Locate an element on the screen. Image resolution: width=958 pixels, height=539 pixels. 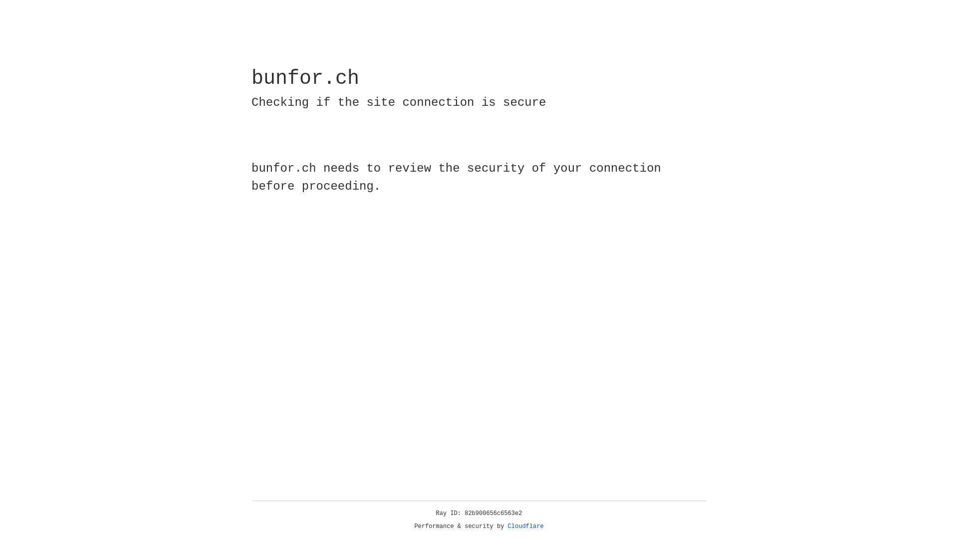
'Cloudflare' is located at coordinates (507, 526).